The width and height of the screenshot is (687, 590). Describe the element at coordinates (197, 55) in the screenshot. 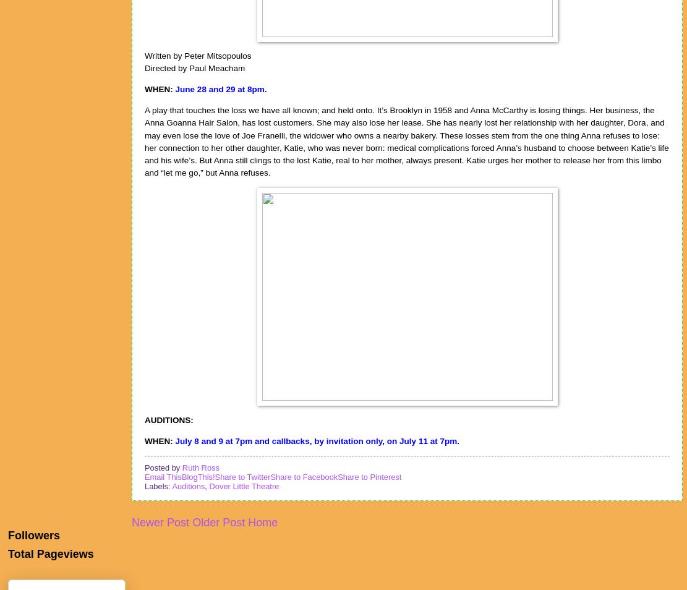

I see `'Written by Peter Mitsopoulos'` at that location.